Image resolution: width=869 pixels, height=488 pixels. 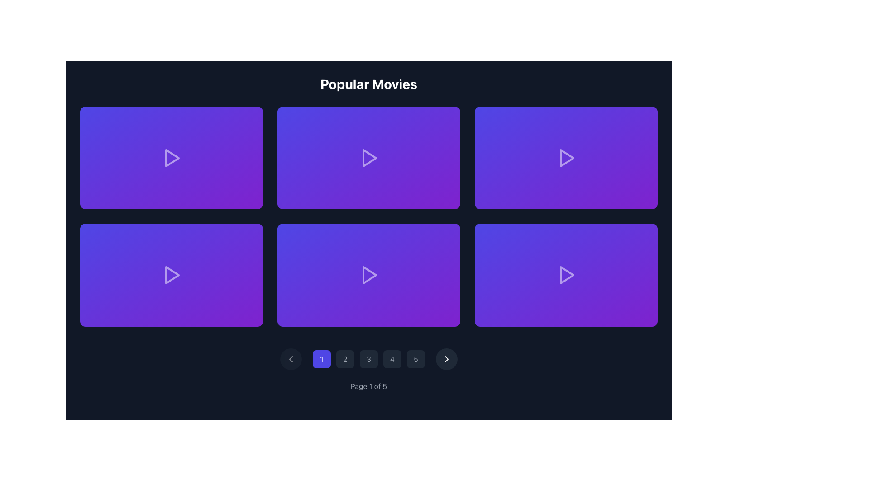 What do you see at coordinates (447, 358) in the screenshot?
I see `the Next button for pagination located at the rightmost side of the pagination elements` at bounding box center [447, 358].